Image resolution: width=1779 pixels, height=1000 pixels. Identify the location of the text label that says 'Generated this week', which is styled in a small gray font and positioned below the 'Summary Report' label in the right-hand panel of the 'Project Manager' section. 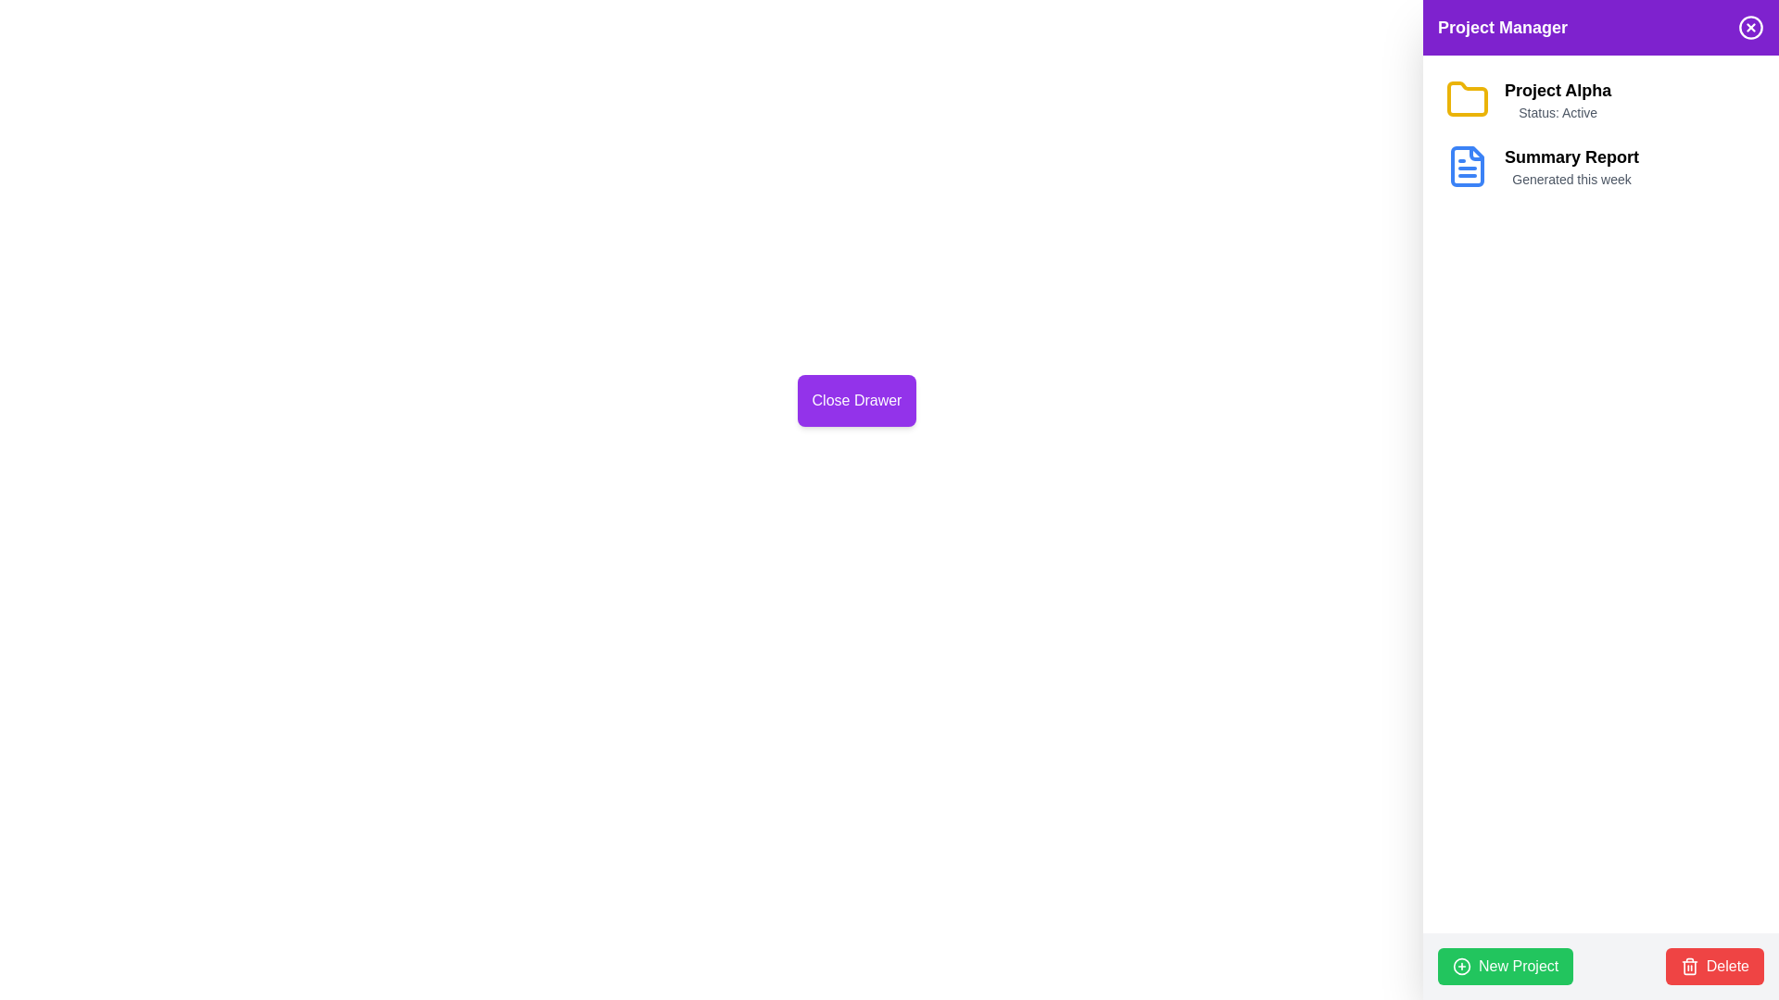
(1571, 179).